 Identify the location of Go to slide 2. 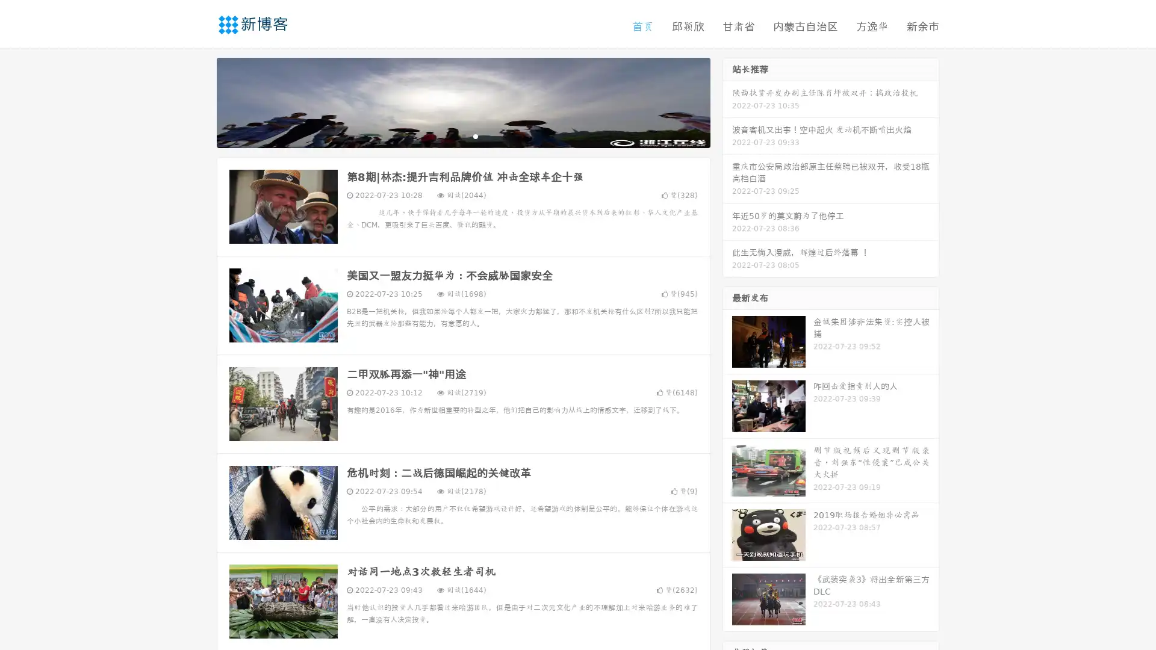
(462, 135).